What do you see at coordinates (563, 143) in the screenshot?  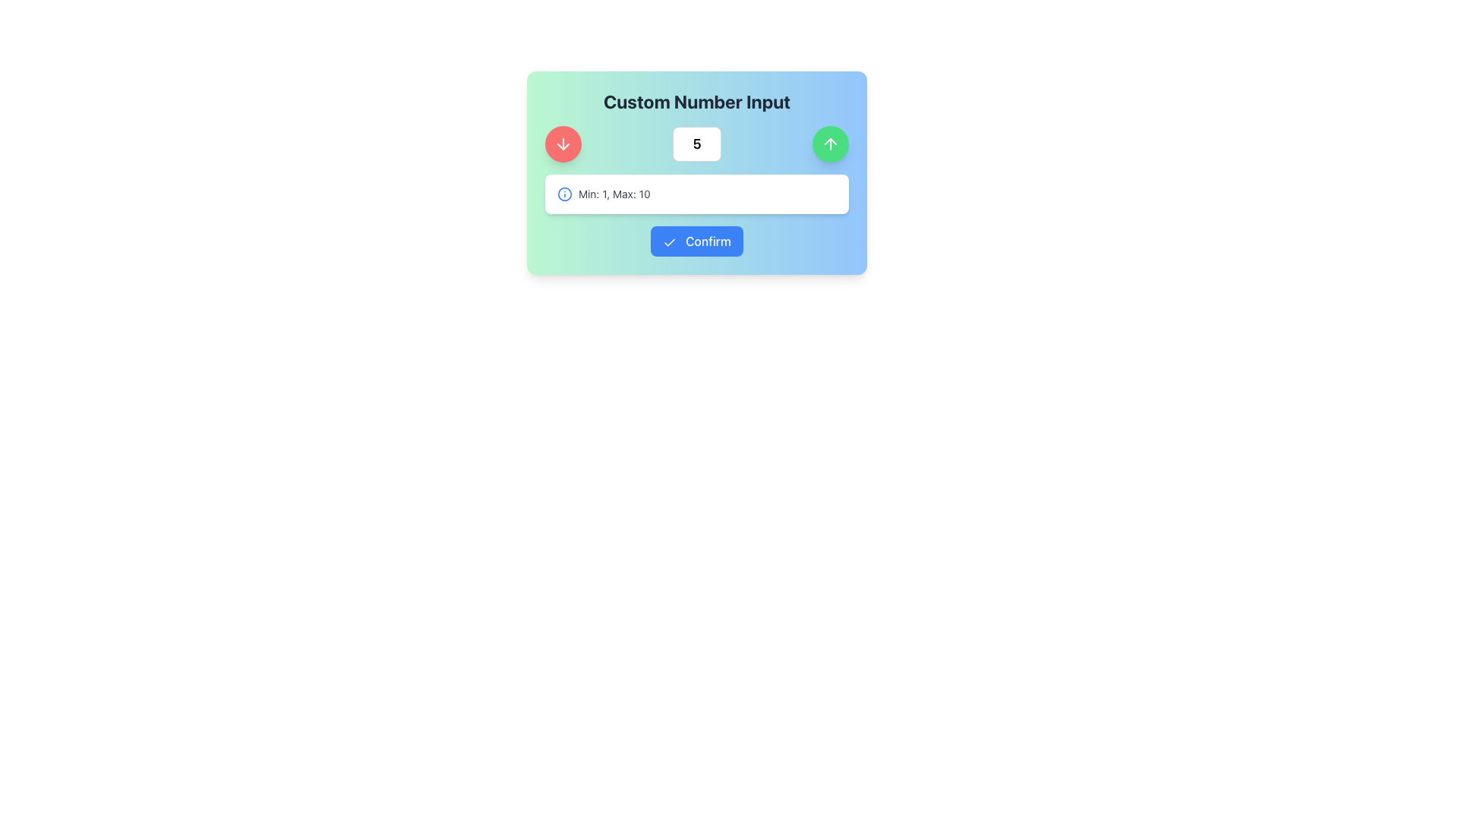 I see `the downward arrow icon embedded within a circular button with a red background to change its appearance` at bounding box center [563, 143].